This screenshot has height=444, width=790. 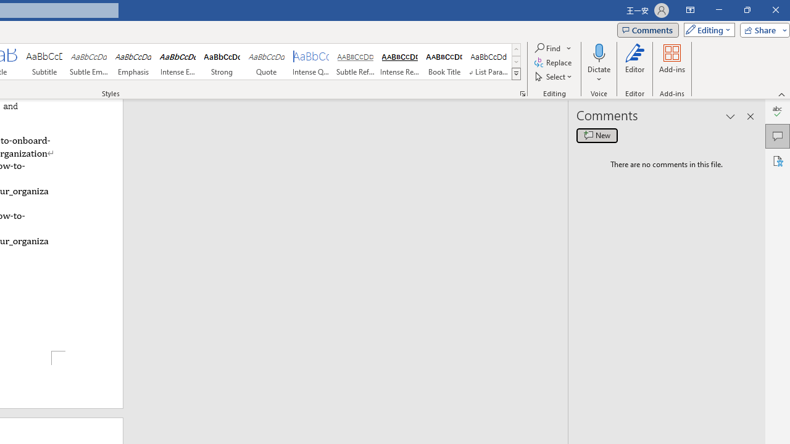 What do you see at coordinates (554, 76) in the screenshot?
I see `'Select'` at bounding box center [554, 76].